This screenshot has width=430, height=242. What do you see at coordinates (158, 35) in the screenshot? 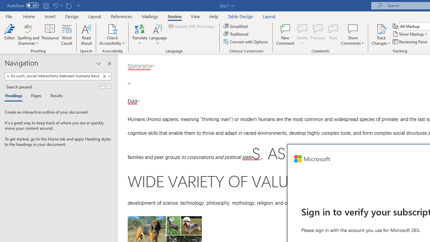
I see `'Language'` at bounding box center [158, 35].